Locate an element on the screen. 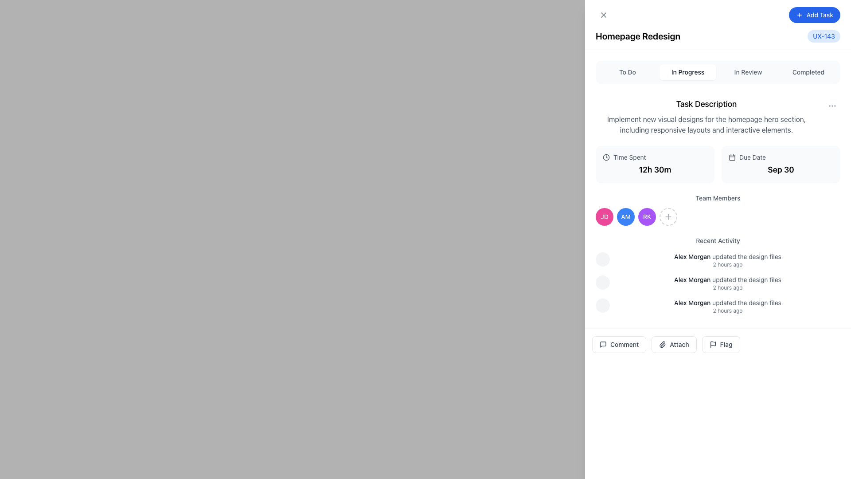  the close icon located at the top-left corner of the interface, near the title 'Homepage Redesign' is located at coordinates (603, 15).